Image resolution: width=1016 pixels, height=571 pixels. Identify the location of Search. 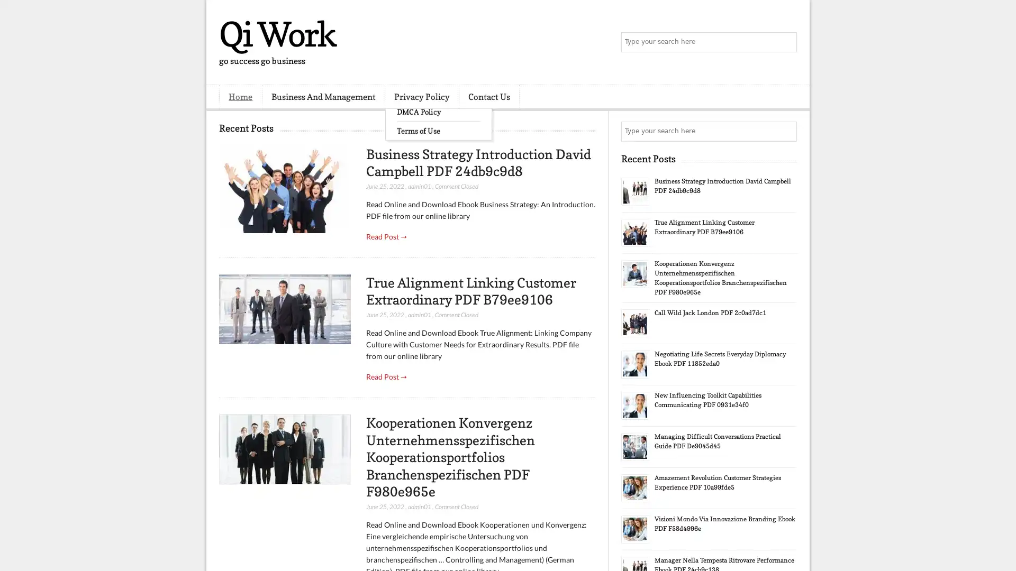
(786, 131).